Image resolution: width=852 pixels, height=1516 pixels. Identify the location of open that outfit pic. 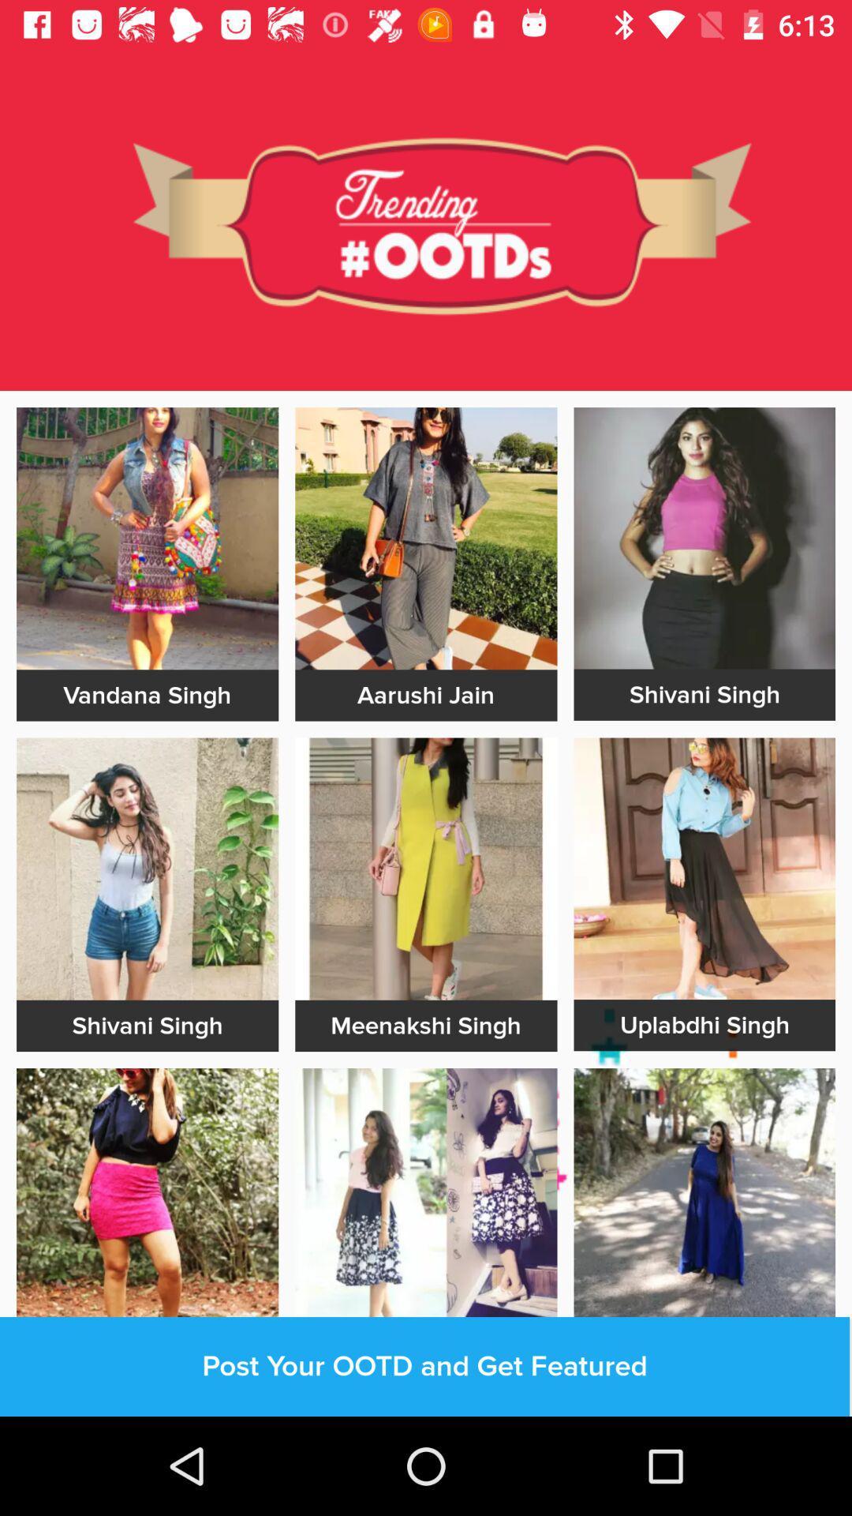
(704, 1199).